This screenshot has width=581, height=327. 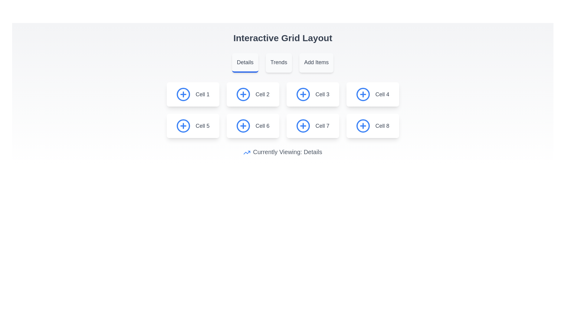 What do you see at coordinates (243, 94) in the screenshot?
I see `the circular plus icon in Cell 2` at bounding box center [243, 94].